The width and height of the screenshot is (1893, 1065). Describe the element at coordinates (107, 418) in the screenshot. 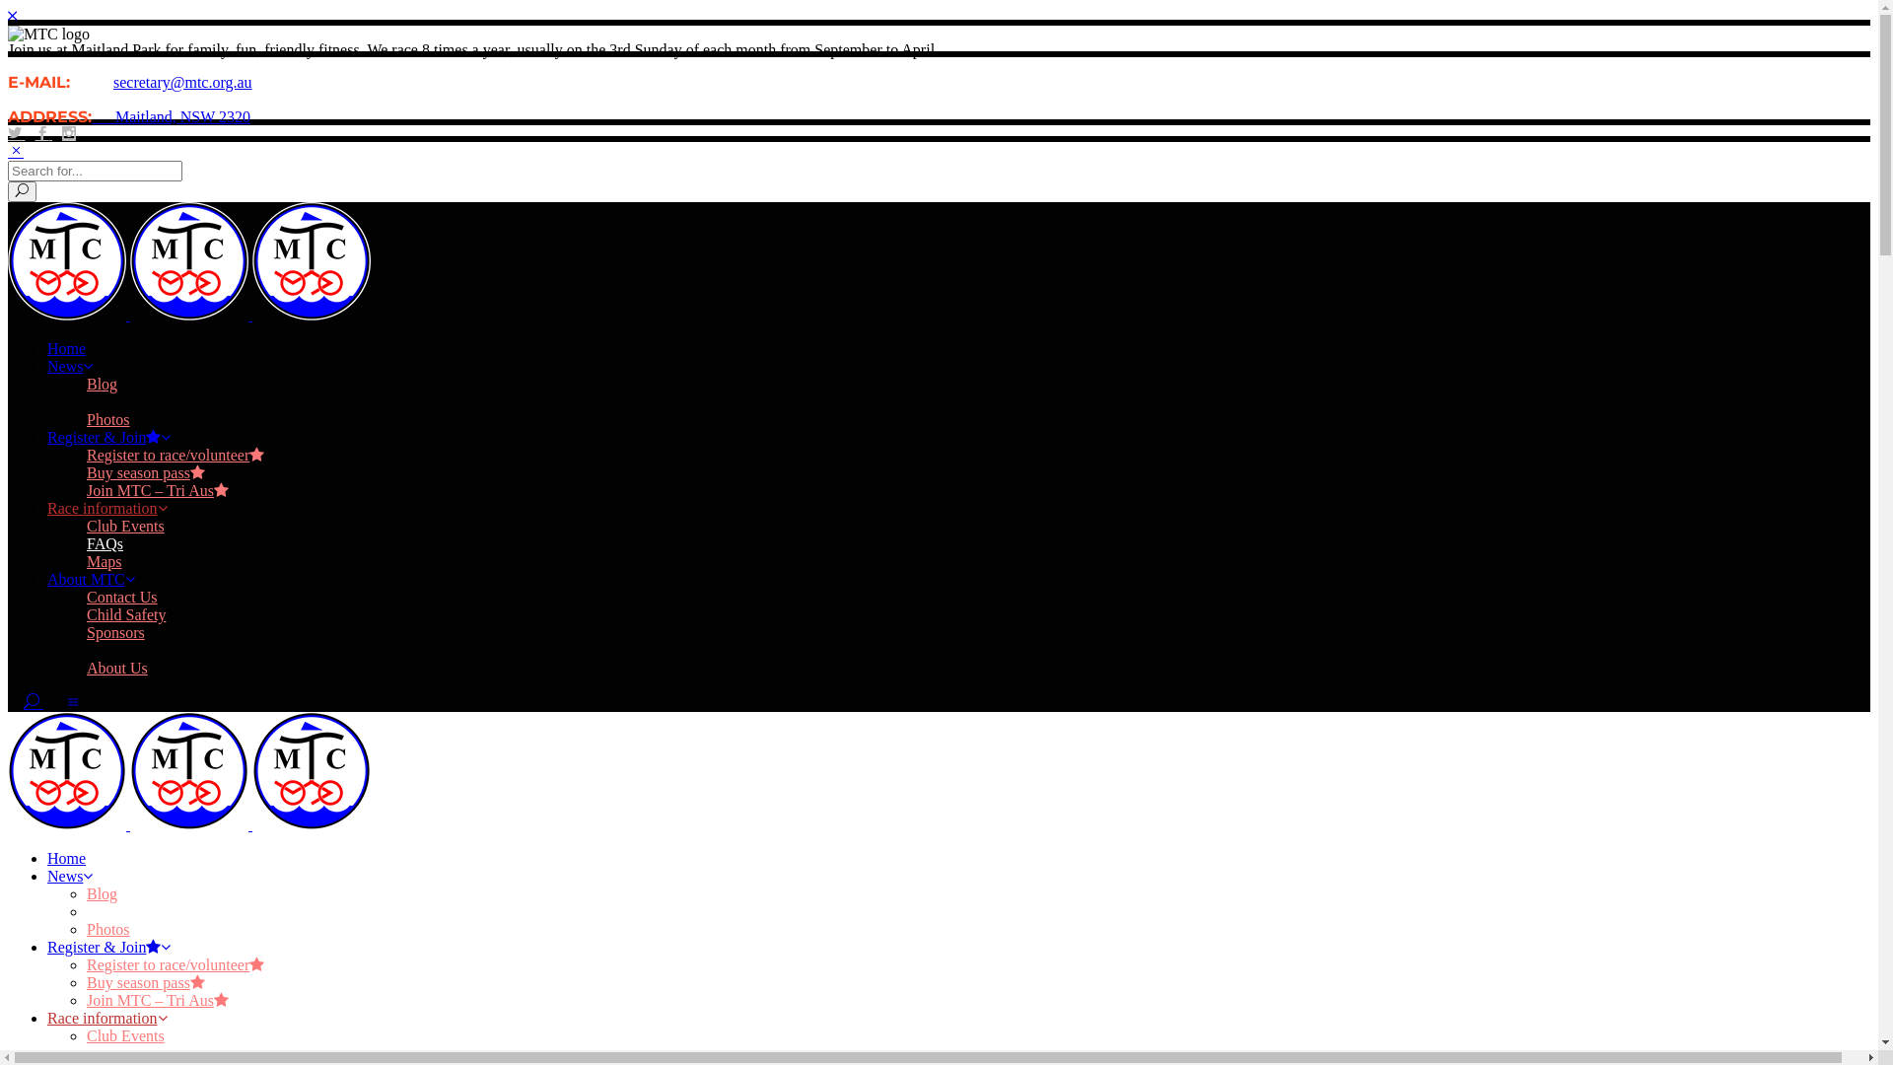

I see `'Photos'` at that location.